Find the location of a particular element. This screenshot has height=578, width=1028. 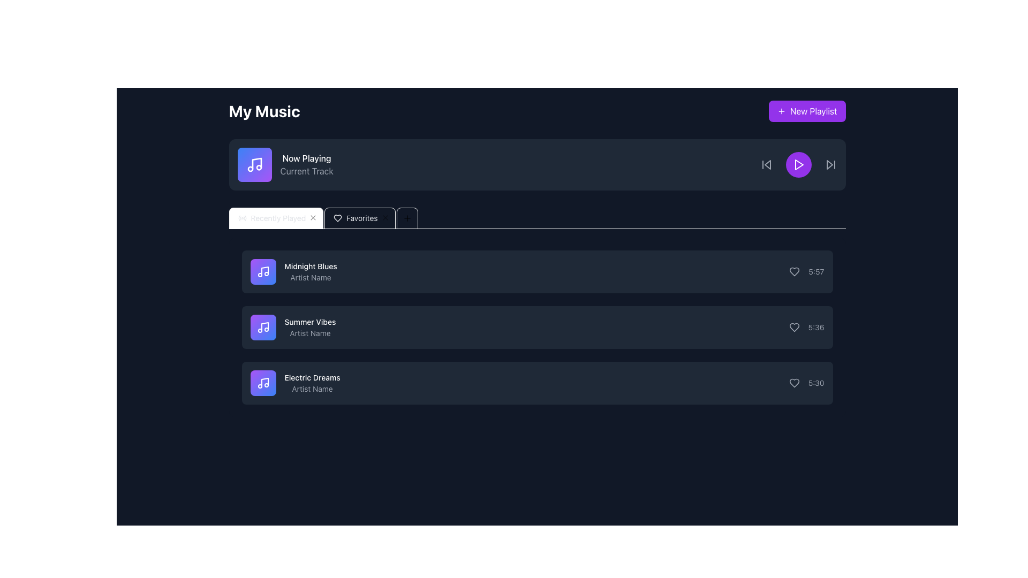

text label displaying the duration or timestamp of the song 'Summer Vibes', located to the right of the heart-shaped icon is located at coordinates (815, 327).